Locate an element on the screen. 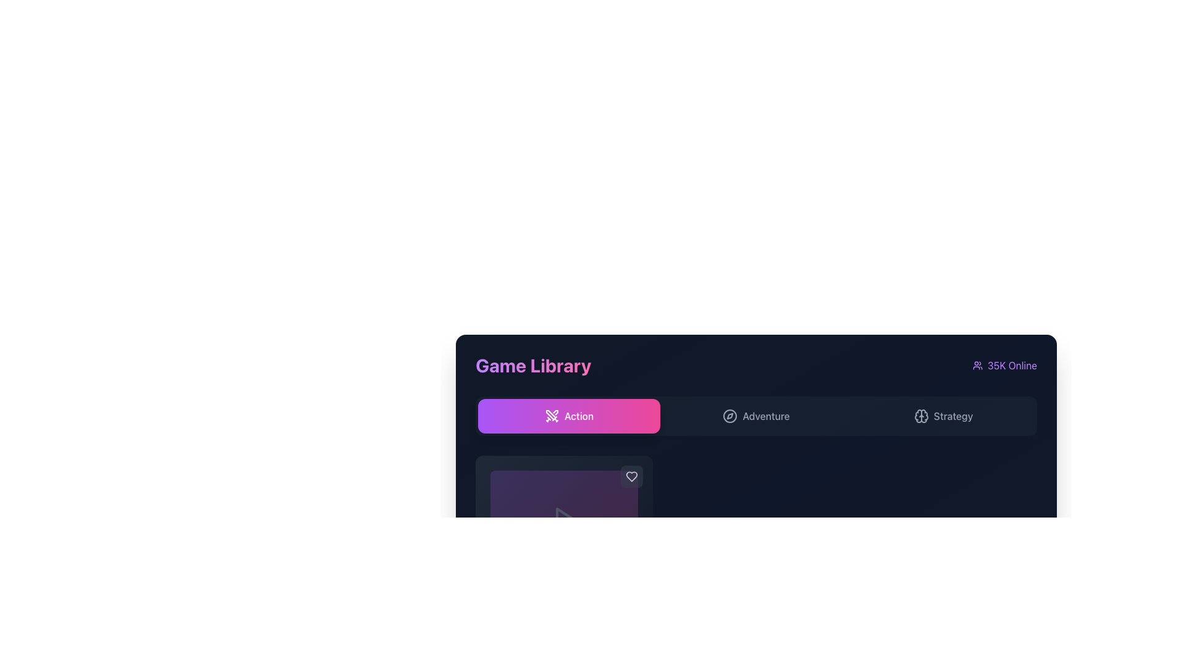 The height and width of the screenshot is (667, 1186). the strategy games navigation button, which is the third tab in a group of three tabs, located to the right of the 'Adventure' tab and left-aligned with the 'Action' tab, situated in the top-right section below the 'Game Library' header is located at coordinates (943, 416).